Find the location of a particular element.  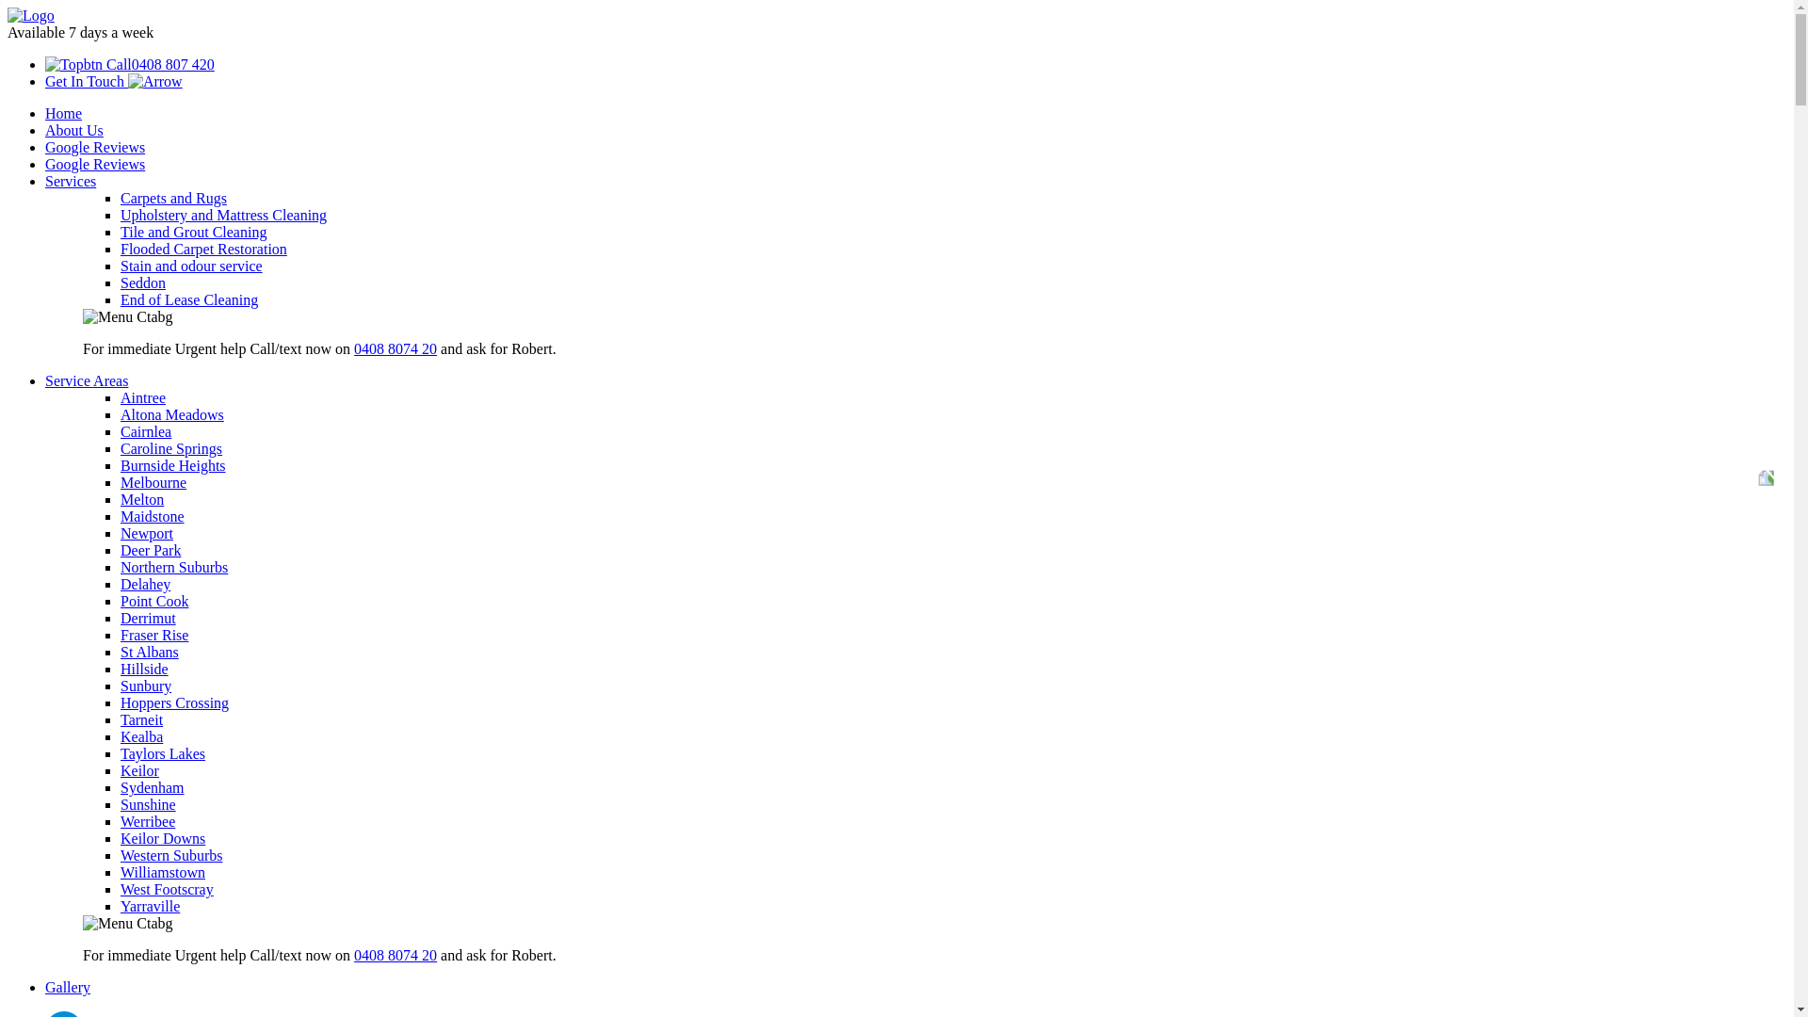

'West Footscray' is located at coordinates (167, 889).